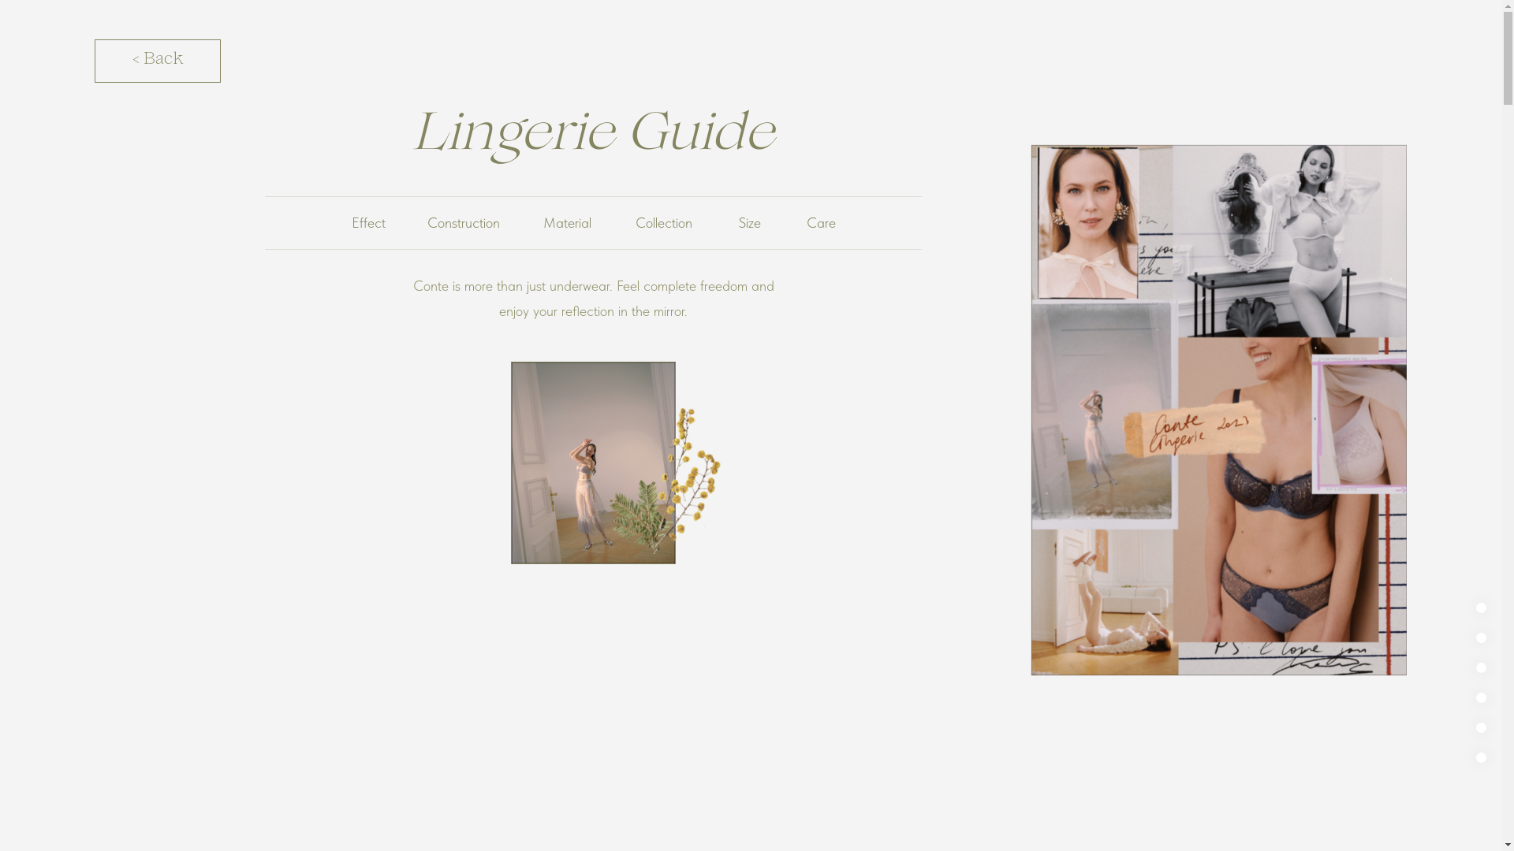  Describe the element at coordinates (463, 222) in the screenshot. I see `'Construction'` at that location.